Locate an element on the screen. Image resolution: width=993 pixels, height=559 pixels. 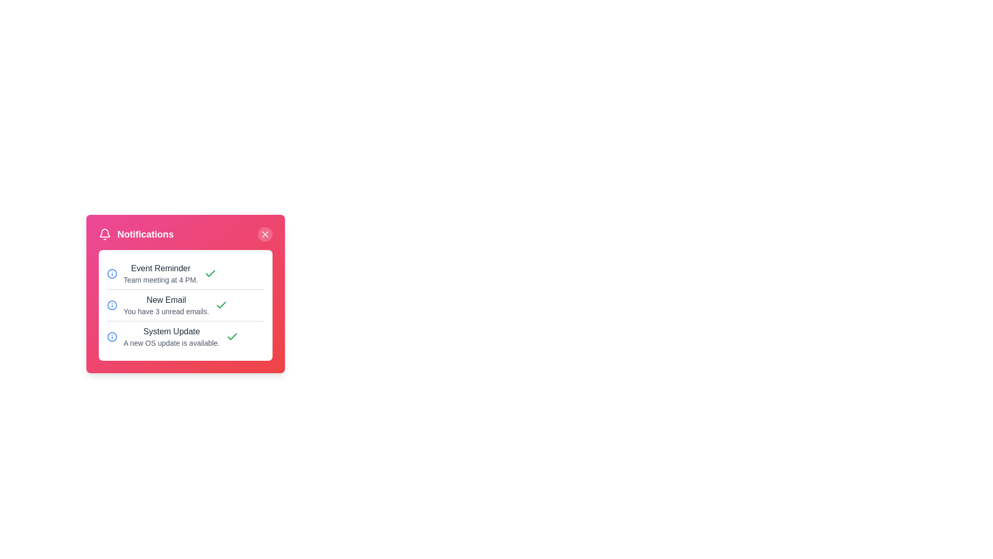
the Label with an icon that serves as the title of the notification panel, located at the top-left corner adjacent to the close button is located at coordinates (136, 234).